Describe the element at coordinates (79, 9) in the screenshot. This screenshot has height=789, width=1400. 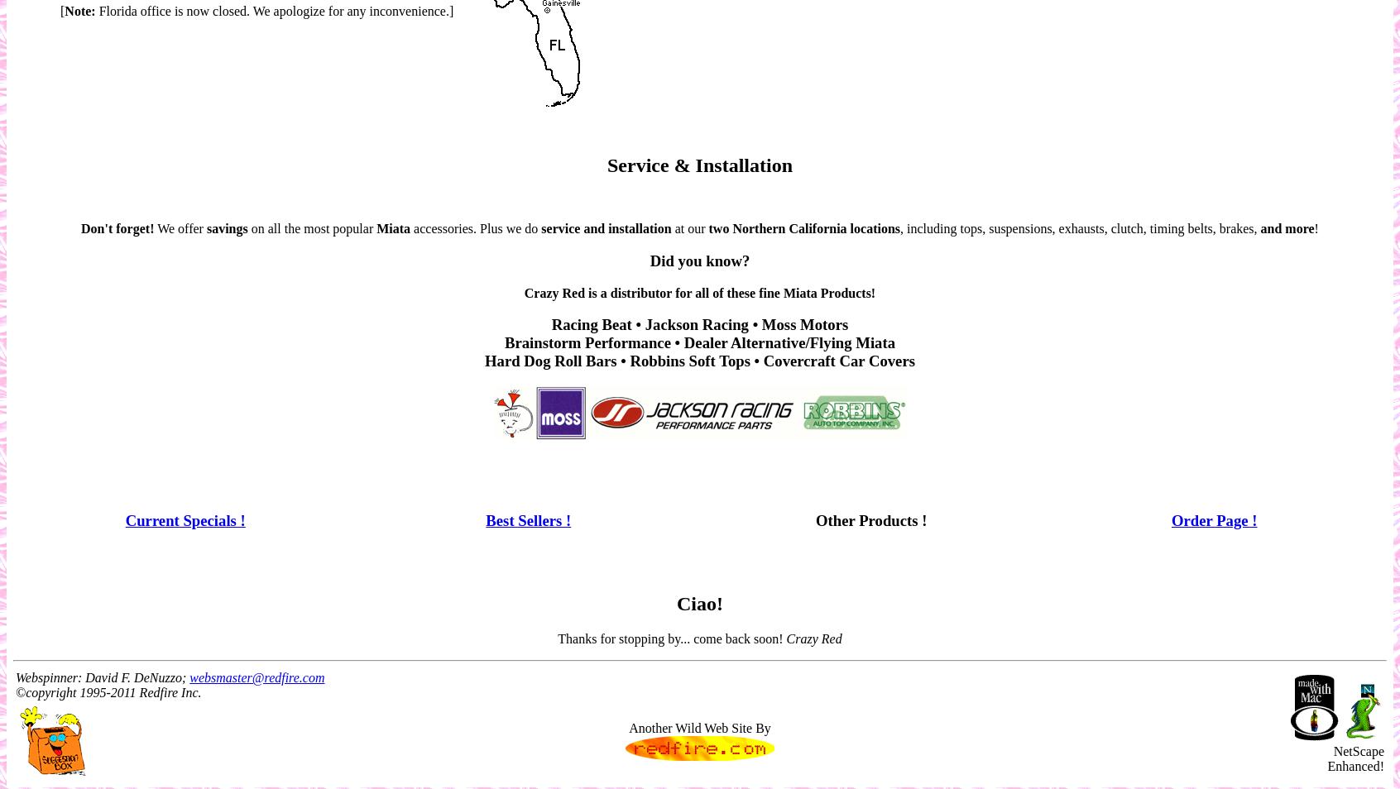
I see `'Note:'` at that location.